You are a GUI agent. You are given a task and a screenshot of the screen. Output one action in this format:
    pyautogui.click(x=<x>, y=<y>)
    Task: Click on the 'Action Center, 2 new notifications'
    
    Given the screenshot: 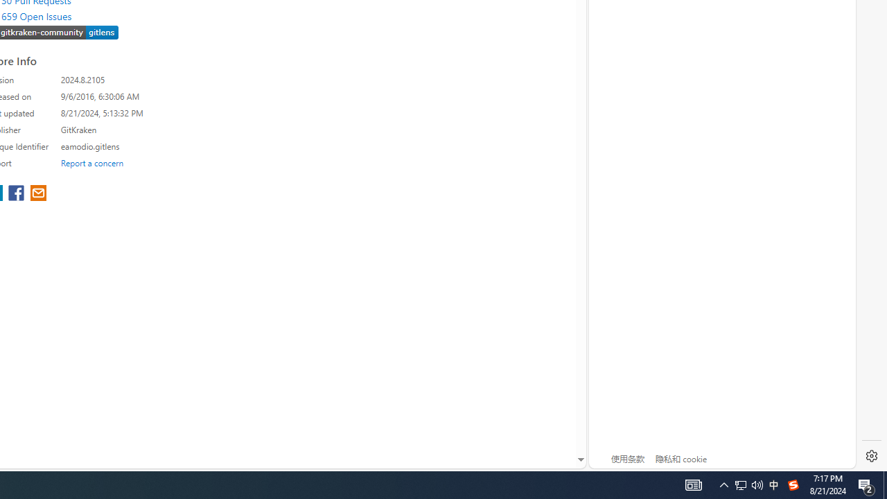 What is the action you would take?
    pyautogui.click(x=866, y=484)
    